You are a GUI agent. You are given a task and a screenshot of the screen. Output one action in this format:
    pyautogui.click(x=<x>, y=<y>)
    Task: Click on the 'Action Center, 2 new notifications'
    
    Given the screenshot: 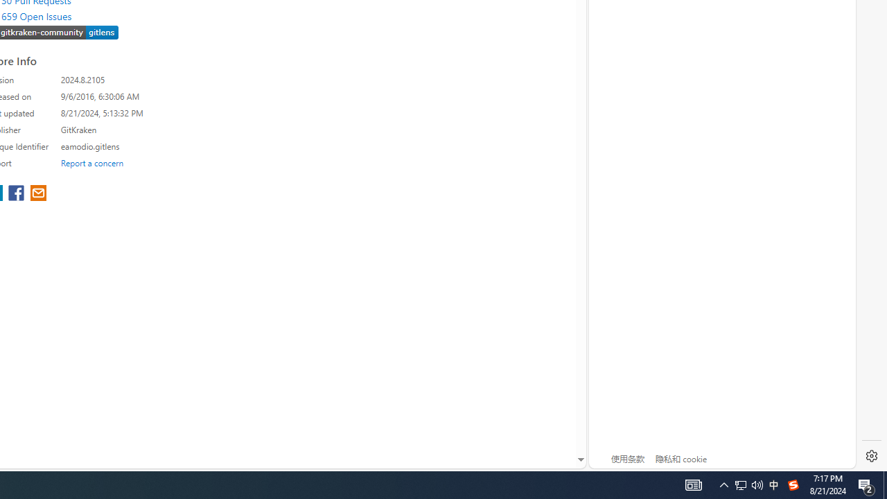 What is the action you would take?
    pyautogui.click(x=866, y=484)
    